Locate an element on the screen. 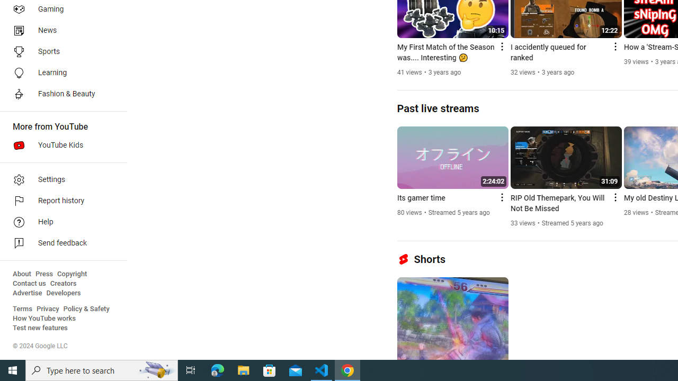 This screenshot has width=678, height=381. 'Report history' is located at coordinates (59, 201).